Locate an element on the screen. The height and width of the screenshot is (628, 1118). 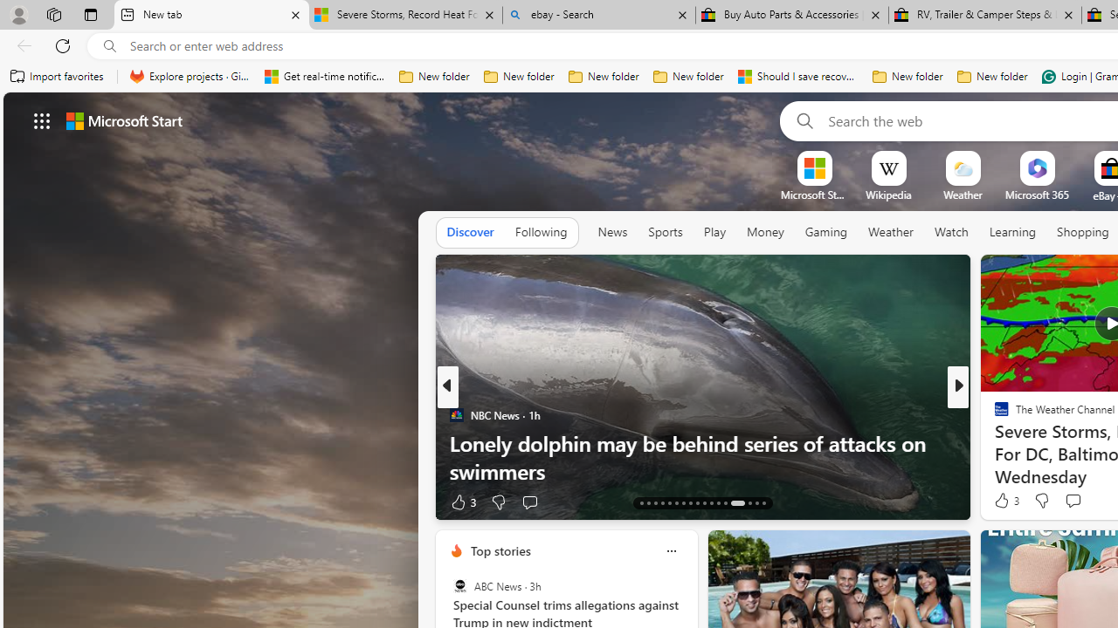
'New folder' is located at coordinates (992, 76).